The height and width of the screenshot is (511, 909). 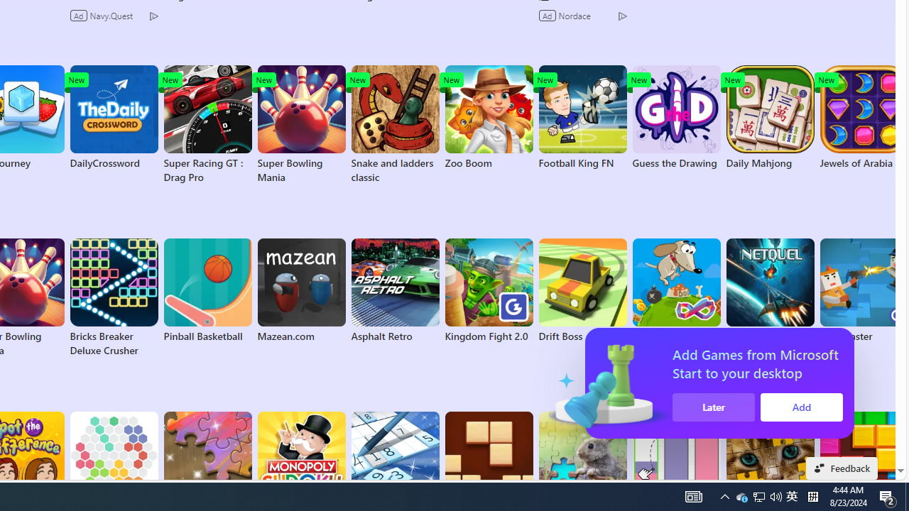 What do you see at coordinates (863, 290) in the screenshot?
I see `'Gun Master'` at bounding box center [863, 290].